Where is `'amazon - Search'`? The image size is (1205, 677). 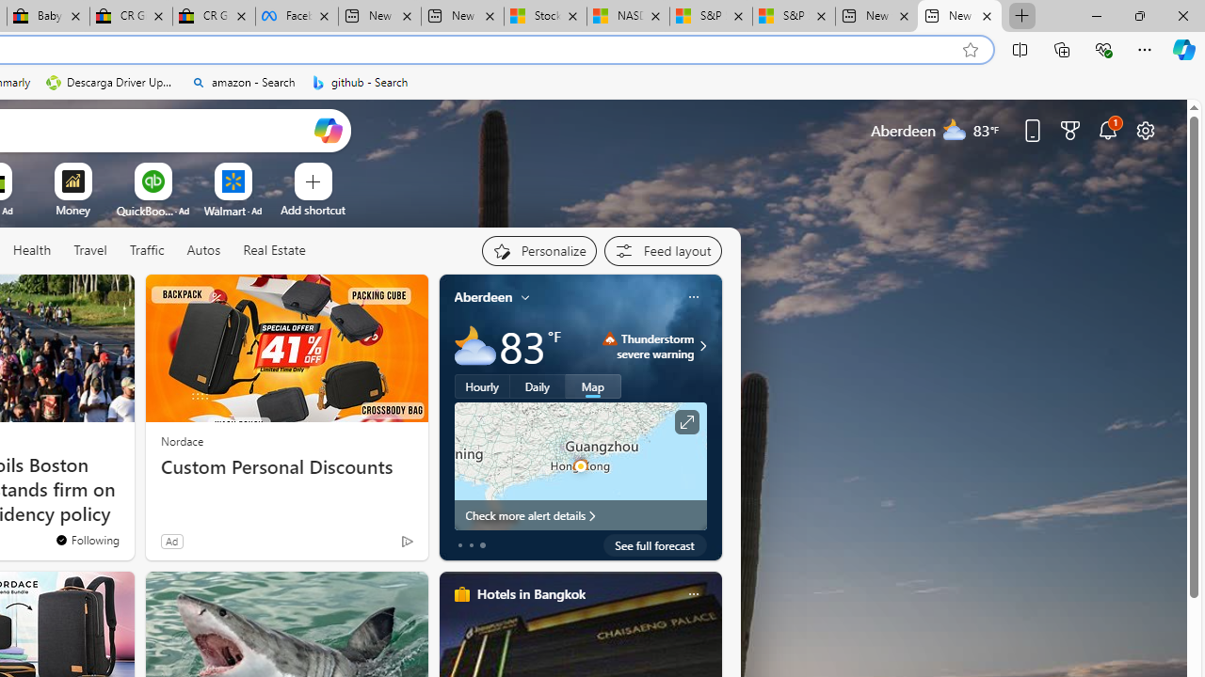
'amazon - Search' is located at coordinates (242, 82).